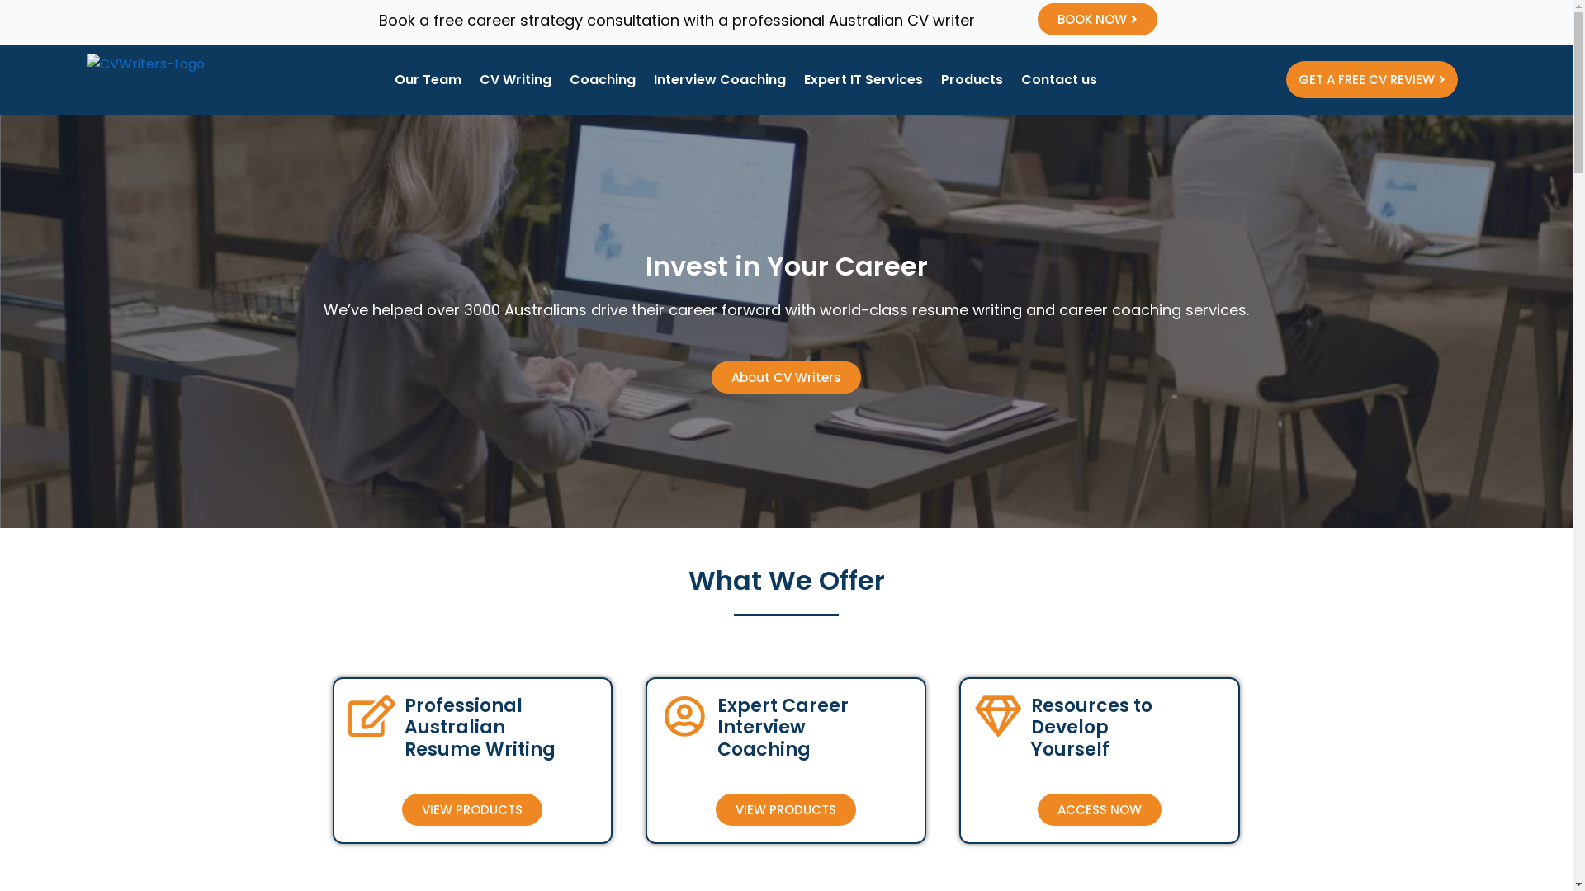 The image size is (1585, 891). I want to click on 'VIEW PRODUCTS', so click(471, 808).